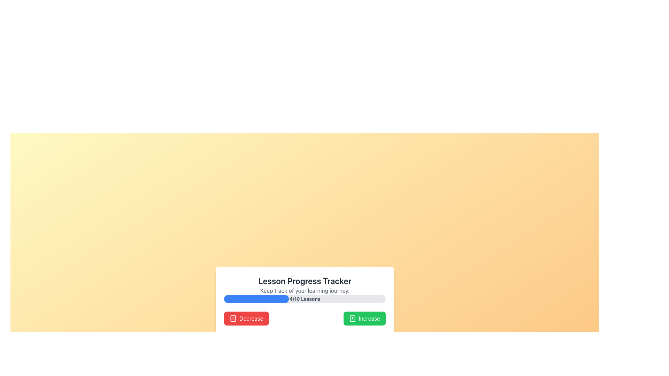  I want to click on the Progress Bar indicating 40% completion in the Lesson Progress Tracker section, so click(256, 299).